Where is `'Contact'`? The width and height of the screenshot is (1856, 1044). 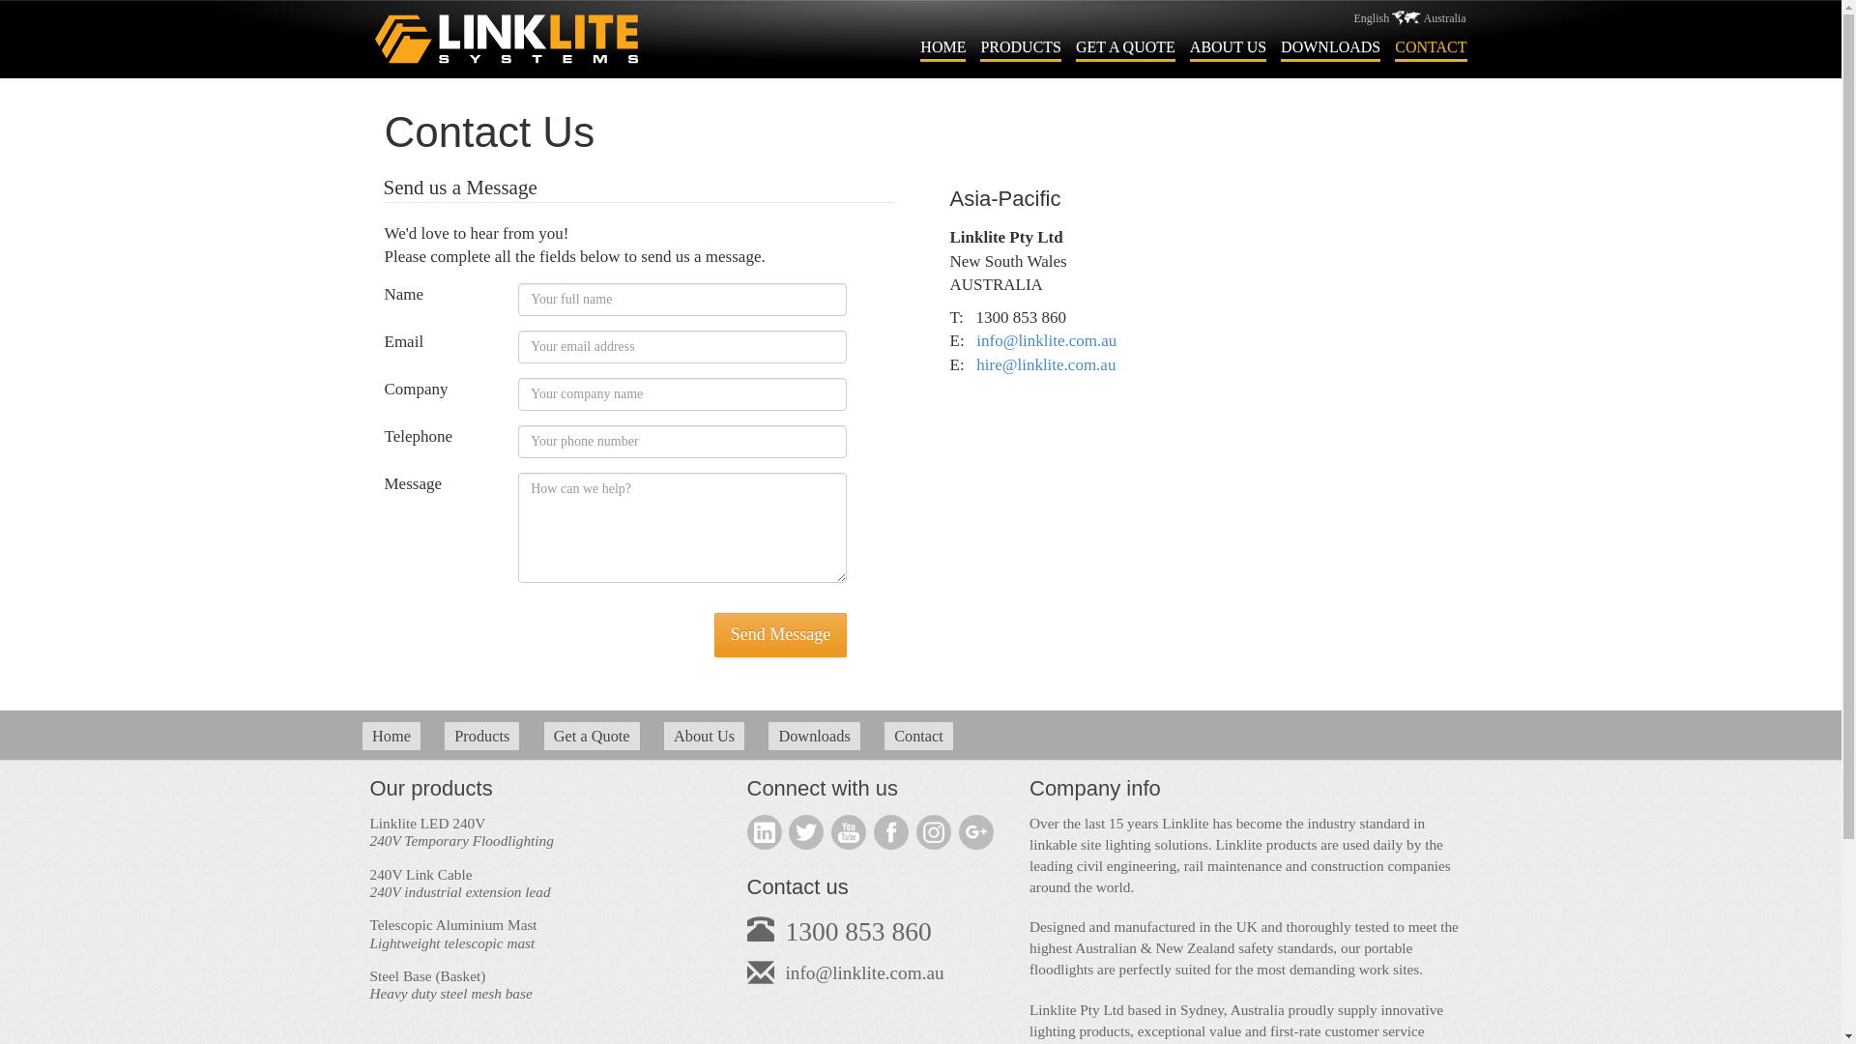
'Contact' is located at coordinates (884, 736).